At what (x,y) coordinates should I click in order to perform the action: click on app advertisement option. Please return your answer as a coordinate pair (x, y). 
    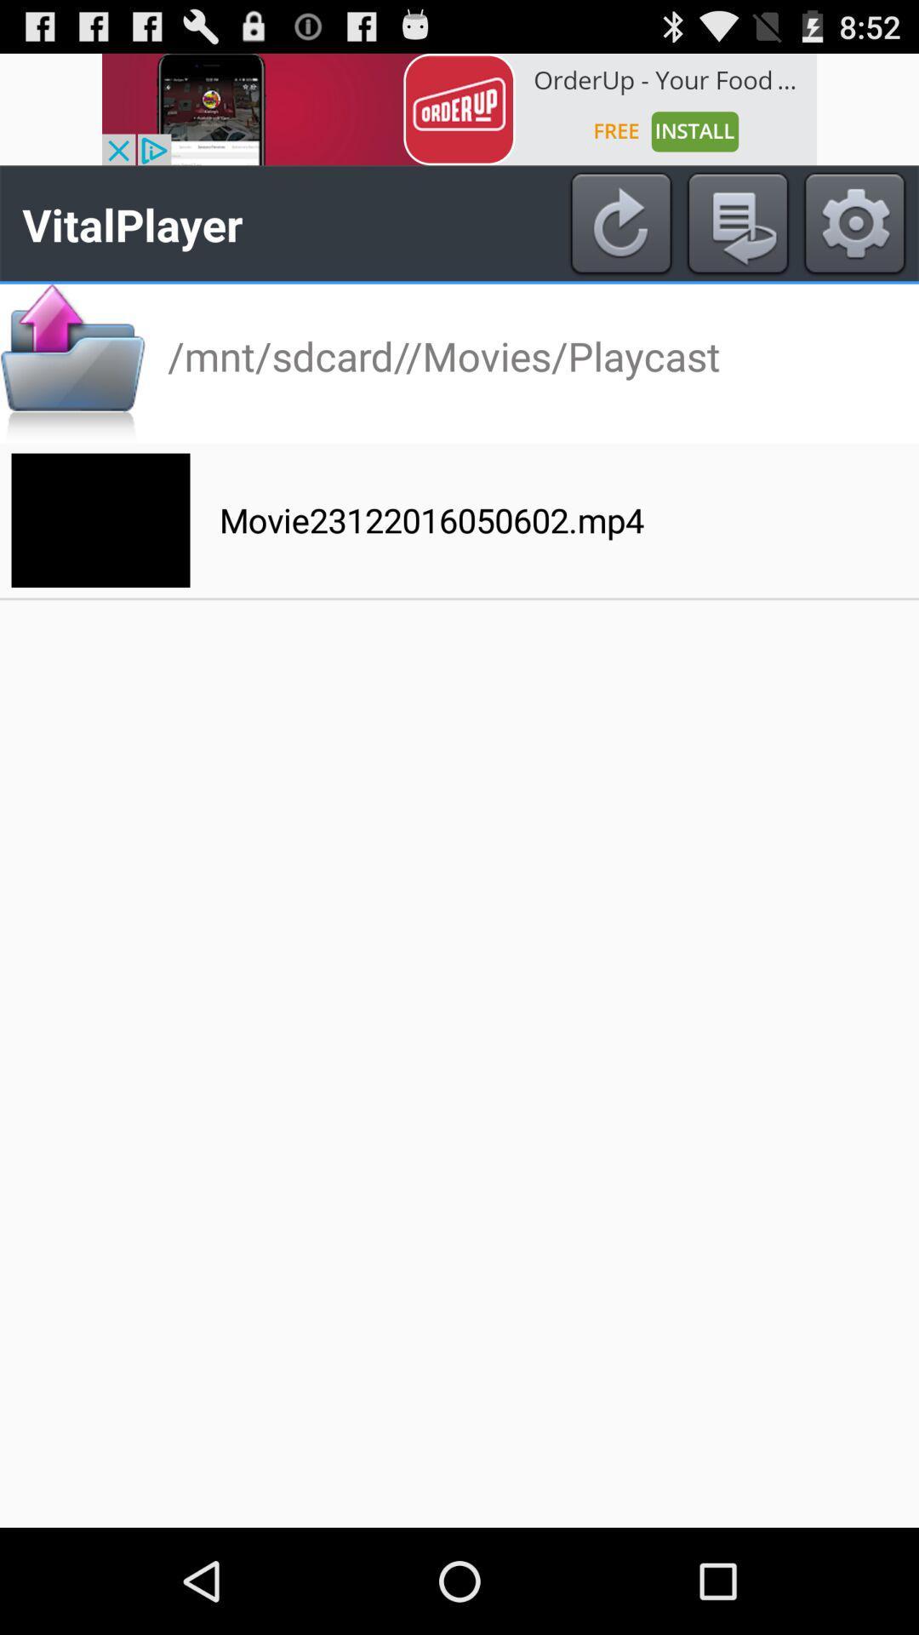
    Looking at the image, I should click on (459, 108).